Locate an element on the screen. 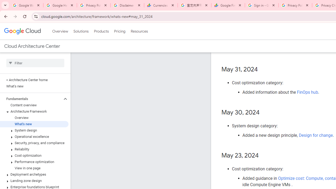  'Copy link to this section: May 30, 2024' is located at coordinates (265, 112).